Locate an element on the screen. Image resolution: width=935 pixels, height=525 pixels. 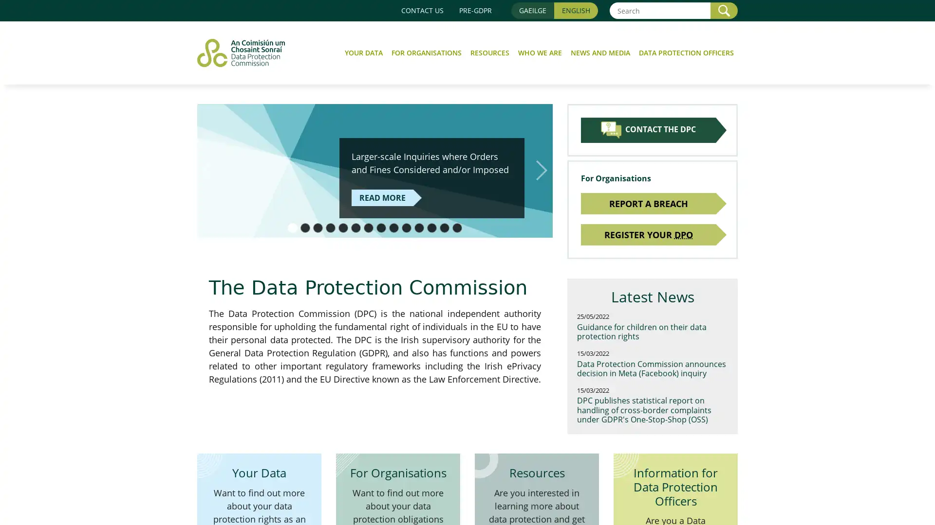
Previous is located at coordinates (207, 170).